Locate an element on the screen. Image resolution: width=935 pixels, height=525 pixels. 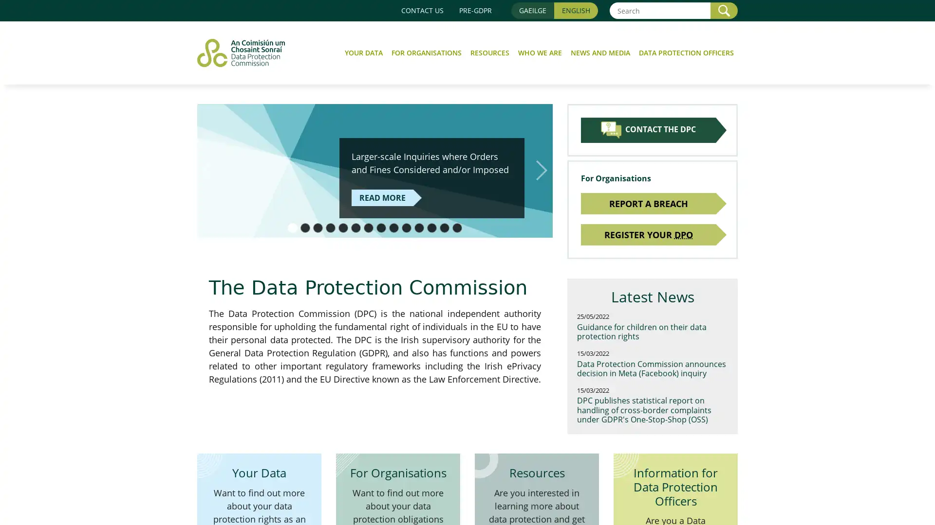
Previous is located at coordinates (207, 170).